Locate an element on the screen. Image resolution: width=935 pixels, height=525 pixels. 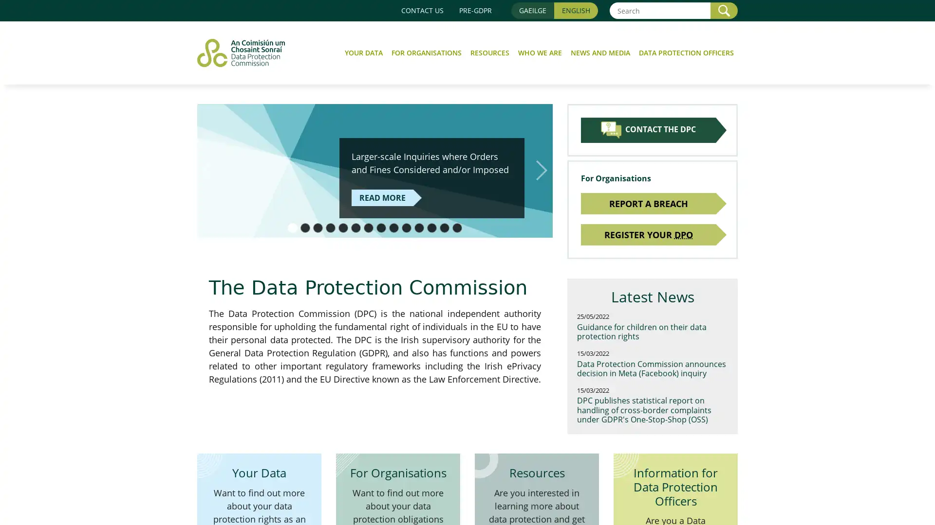
Previous is located at coordinates (207, 170).